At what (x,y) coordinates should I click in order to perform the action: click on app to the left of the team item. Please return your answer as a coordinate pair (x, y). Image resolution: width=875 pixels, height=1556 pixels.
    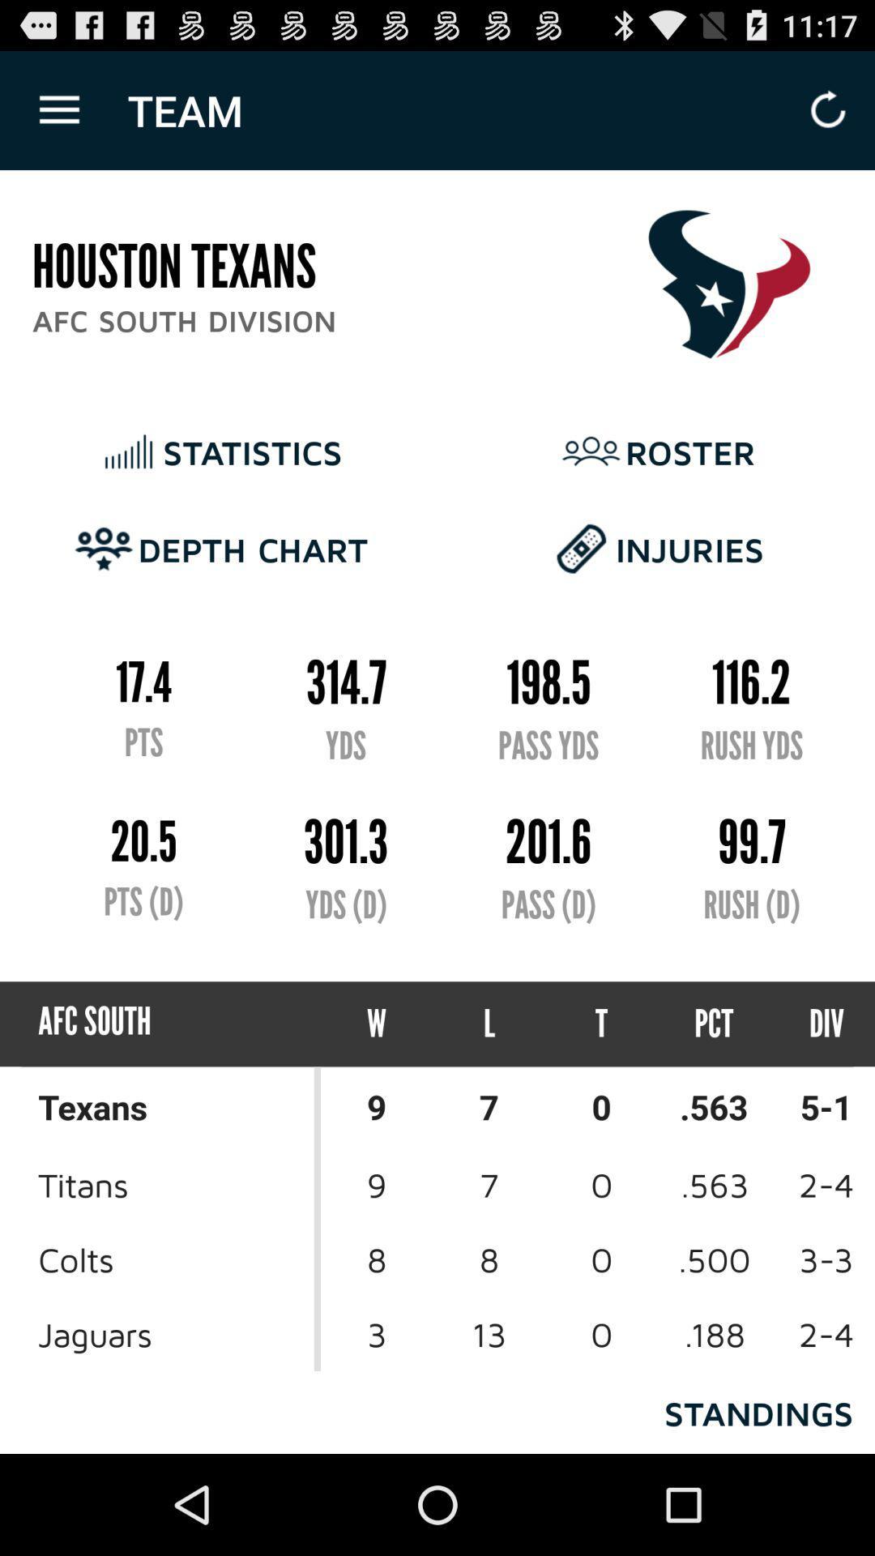
    Looking at the image, I should click on (58, 109).